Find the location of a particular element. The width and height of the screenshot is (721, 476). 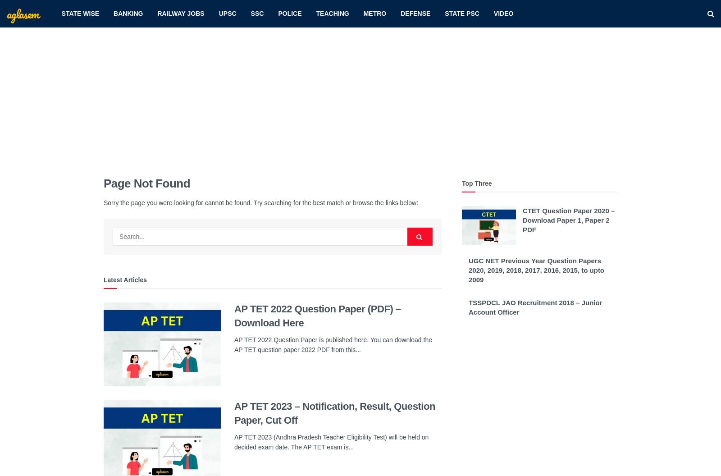

'UGC NET Previous Year Question Papers 2020, 2019, 2018, 2017, 2016, 2015, to upto 2009' is located at coordinates (536, 269).